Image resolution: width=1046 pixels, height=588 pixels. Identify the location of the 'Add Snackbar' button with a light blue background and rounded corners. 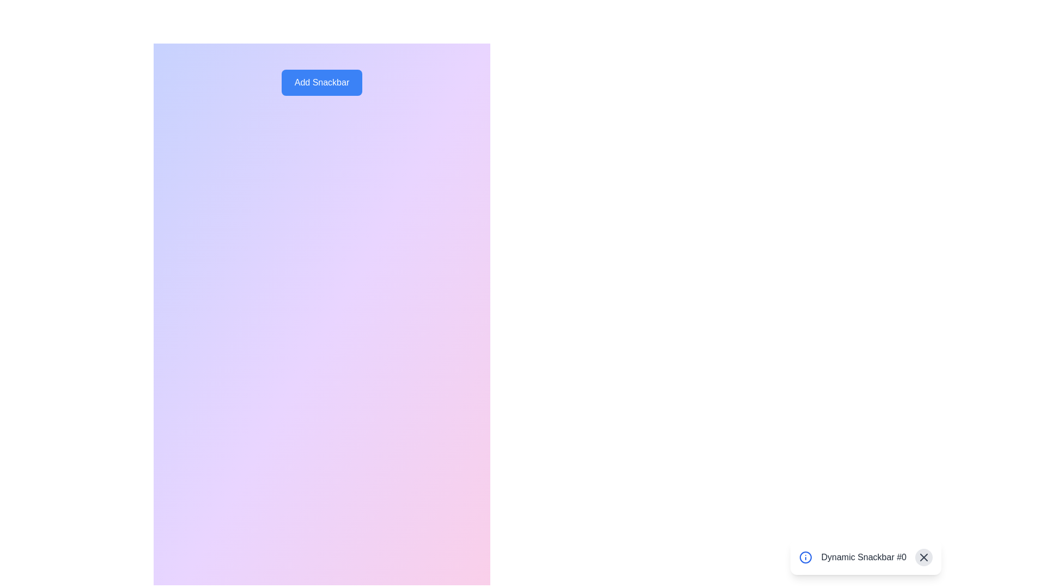
(321, 82).